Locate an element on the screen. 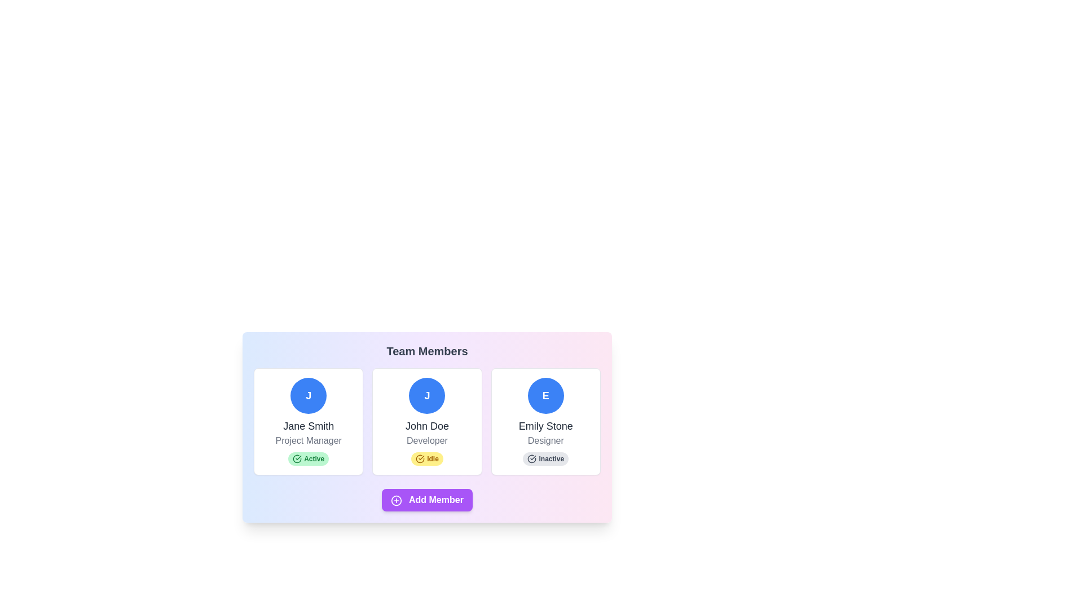 The height and width of the screenshot is (609, 1083). the heading label that indicates the information pertains to team members, located at the top of the panel containing team member cards is located at coordinates (426, 351).